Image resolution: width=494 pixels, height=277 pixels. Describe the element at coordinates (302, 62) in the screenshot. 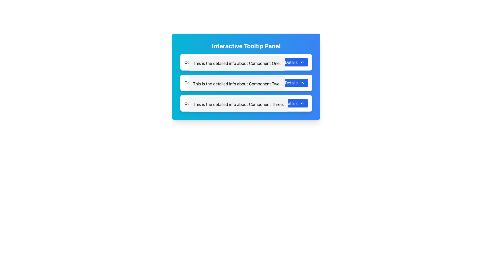

I see `the upward-facing icon that indicates collapsing or interacting with the content of the 'Details' button, which is the rightmost component in the third row of buttons labeled 'Details'` at that location.